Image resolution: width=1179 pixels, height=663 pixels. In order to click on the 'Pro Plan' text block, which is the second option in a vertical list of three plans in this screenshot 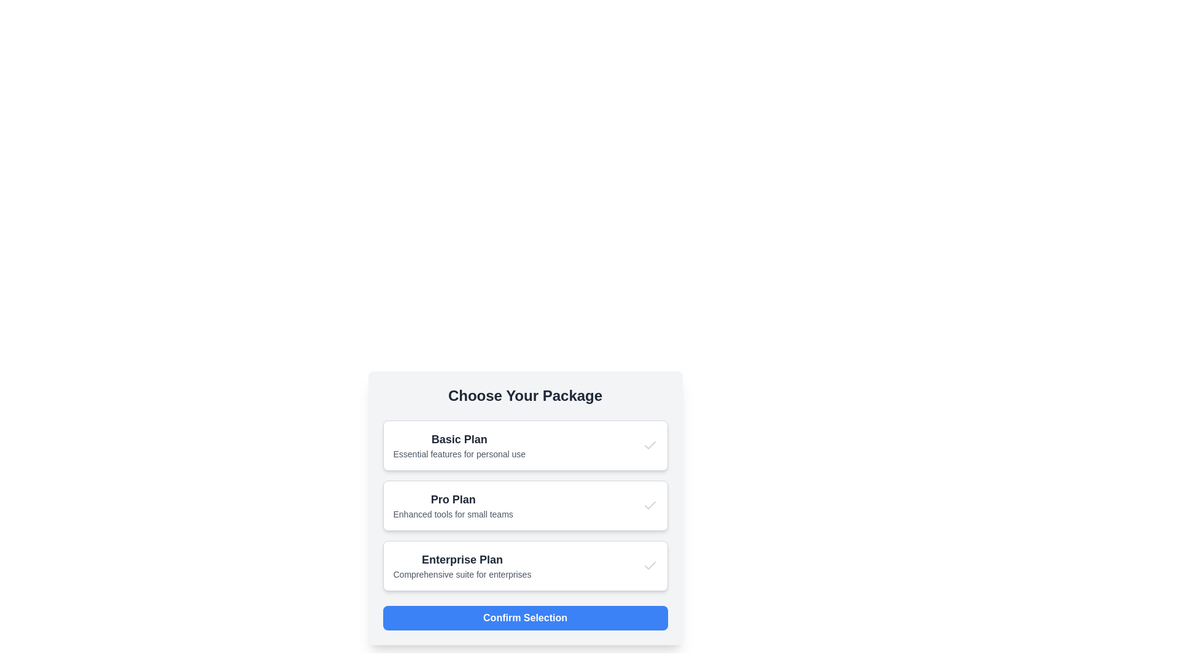, I will do `click(453, 506)`.